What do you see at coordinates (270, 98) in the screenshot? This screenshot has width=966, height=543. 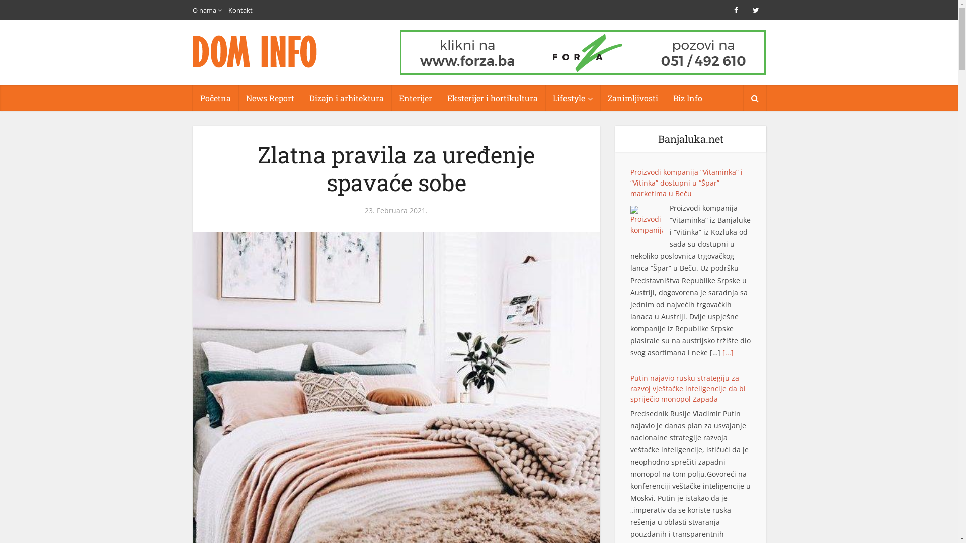 I see `'News Report'` at bounding box center [270, 98].